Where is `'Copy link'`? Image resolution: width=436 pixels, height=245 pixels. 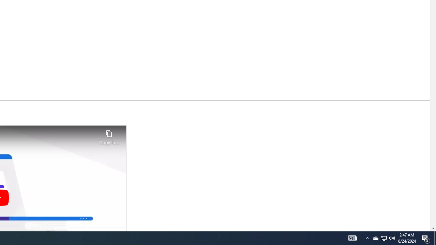 'Copy link' is located at coordinates (109, 135).